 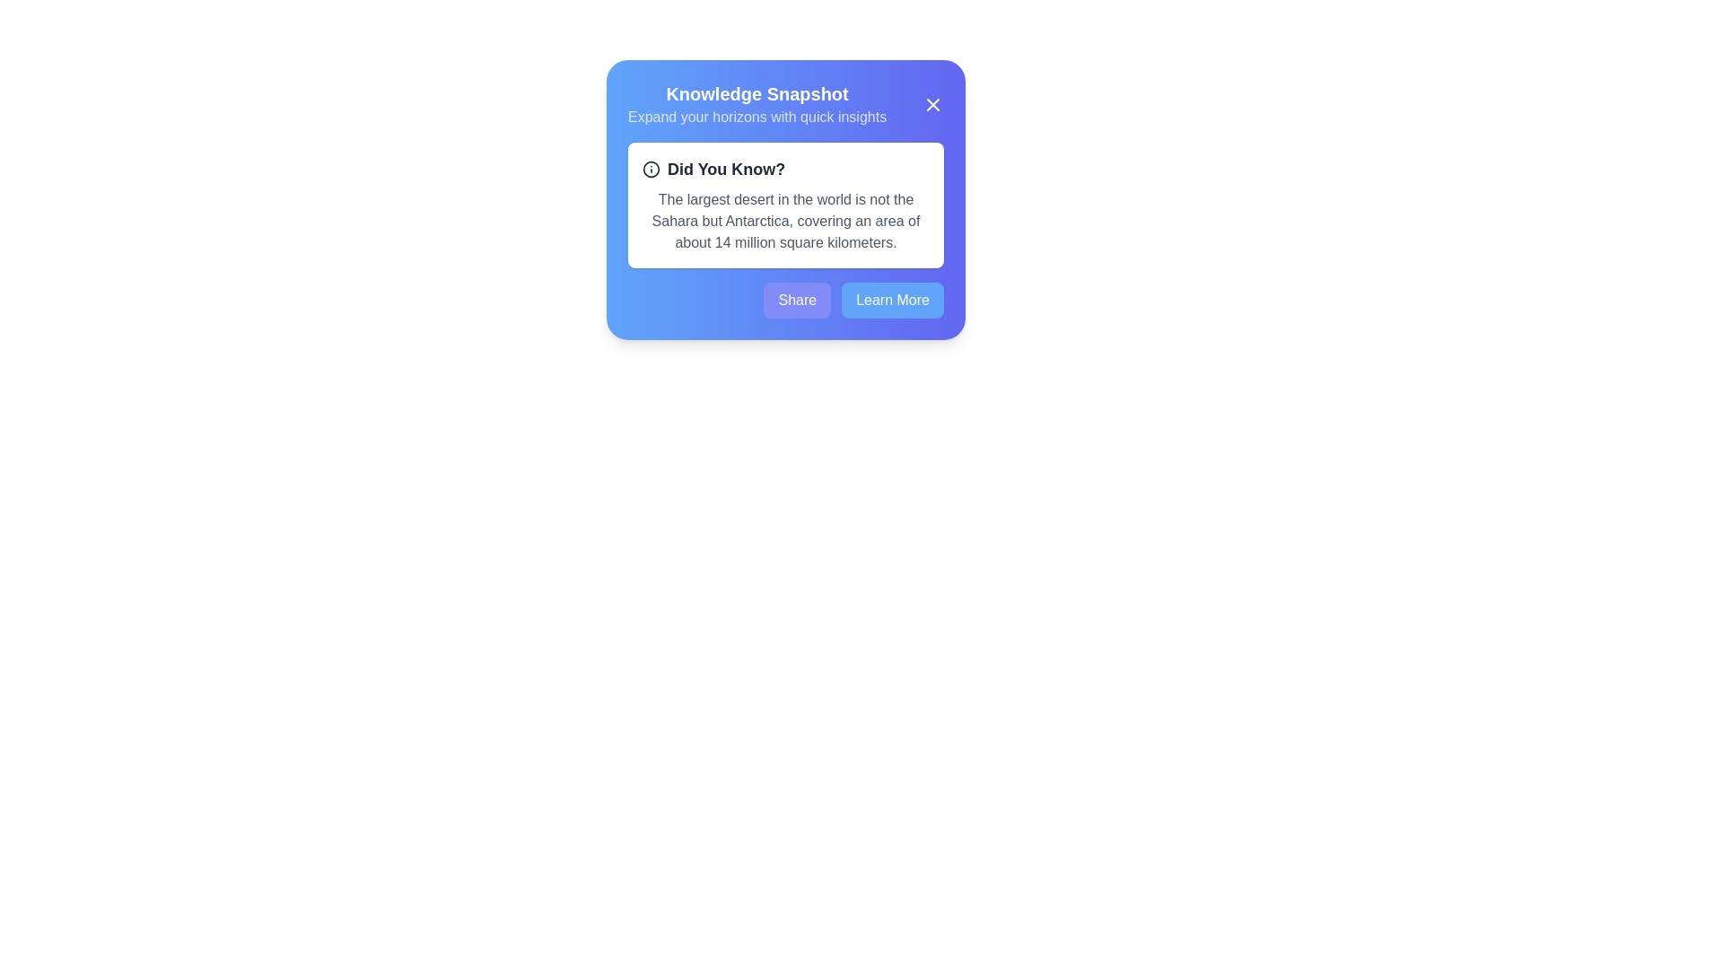 What do you see at coordinates (757, 93) in the screenshot?
I see `text label displaying 'Knowledge Snapshot' in bold, extra-large font, which is positioned at the top of the card interface` at bounding box center [757, 93].